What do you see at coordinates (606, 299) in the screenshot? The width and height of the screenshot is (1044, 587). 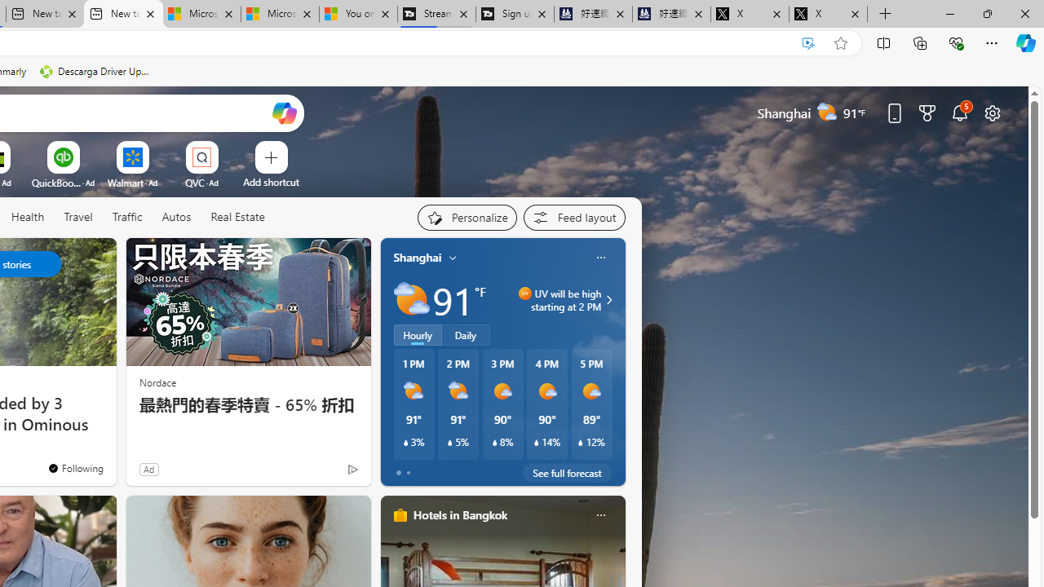 I see `'UV will be high starting at 2 PM'` at bounding box center [606, 299].